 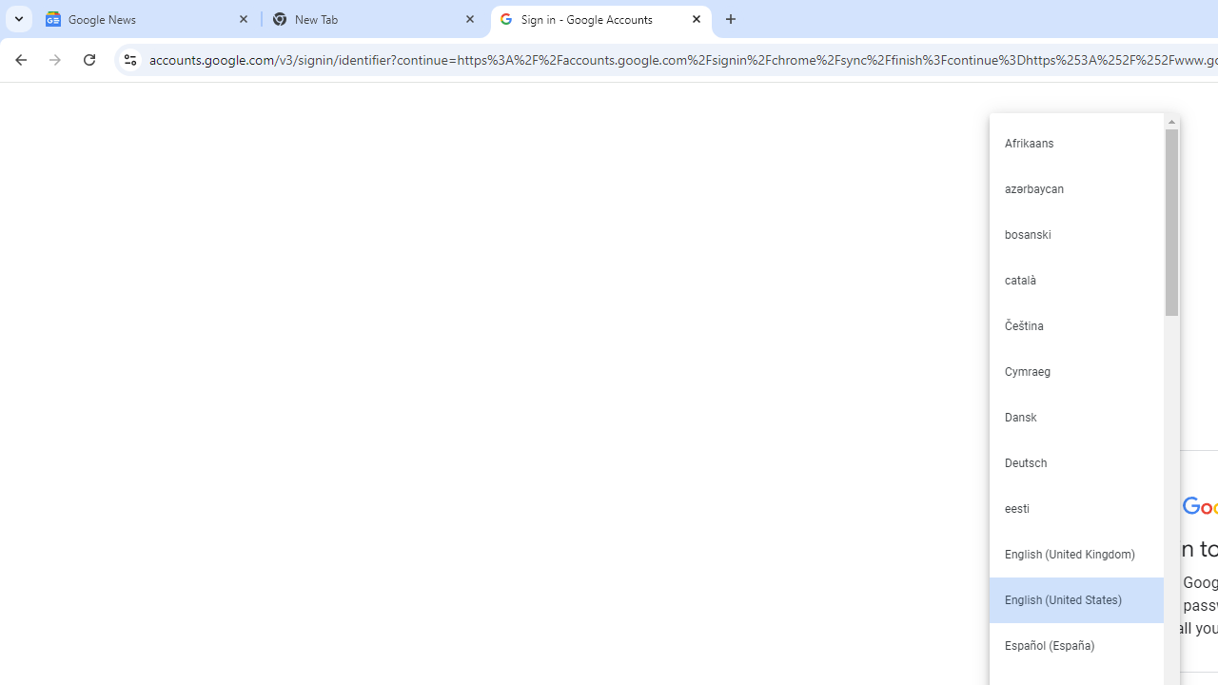 I want to click on 'English (United Kingdom)', so click(x=1075, y=554).